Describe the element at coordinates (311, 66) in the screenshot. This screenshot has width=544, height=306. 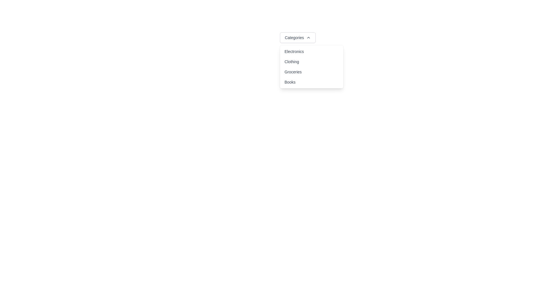
I see `the 'Groceries' option in the dropdown menu` at that location.